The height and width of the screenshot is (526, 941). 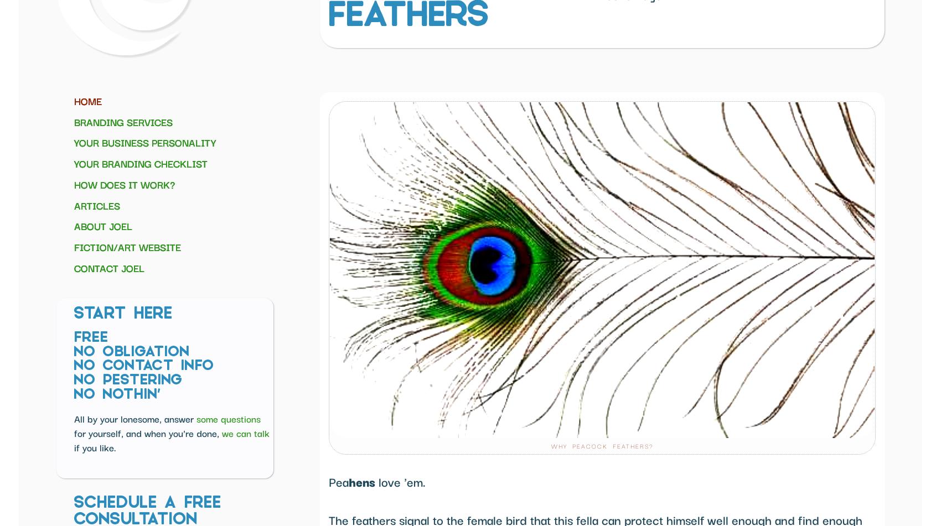 What do you see at coordinates (132, 351) in the screenshot?
I see `'No Obligation'` at bounding box center [132, 351].